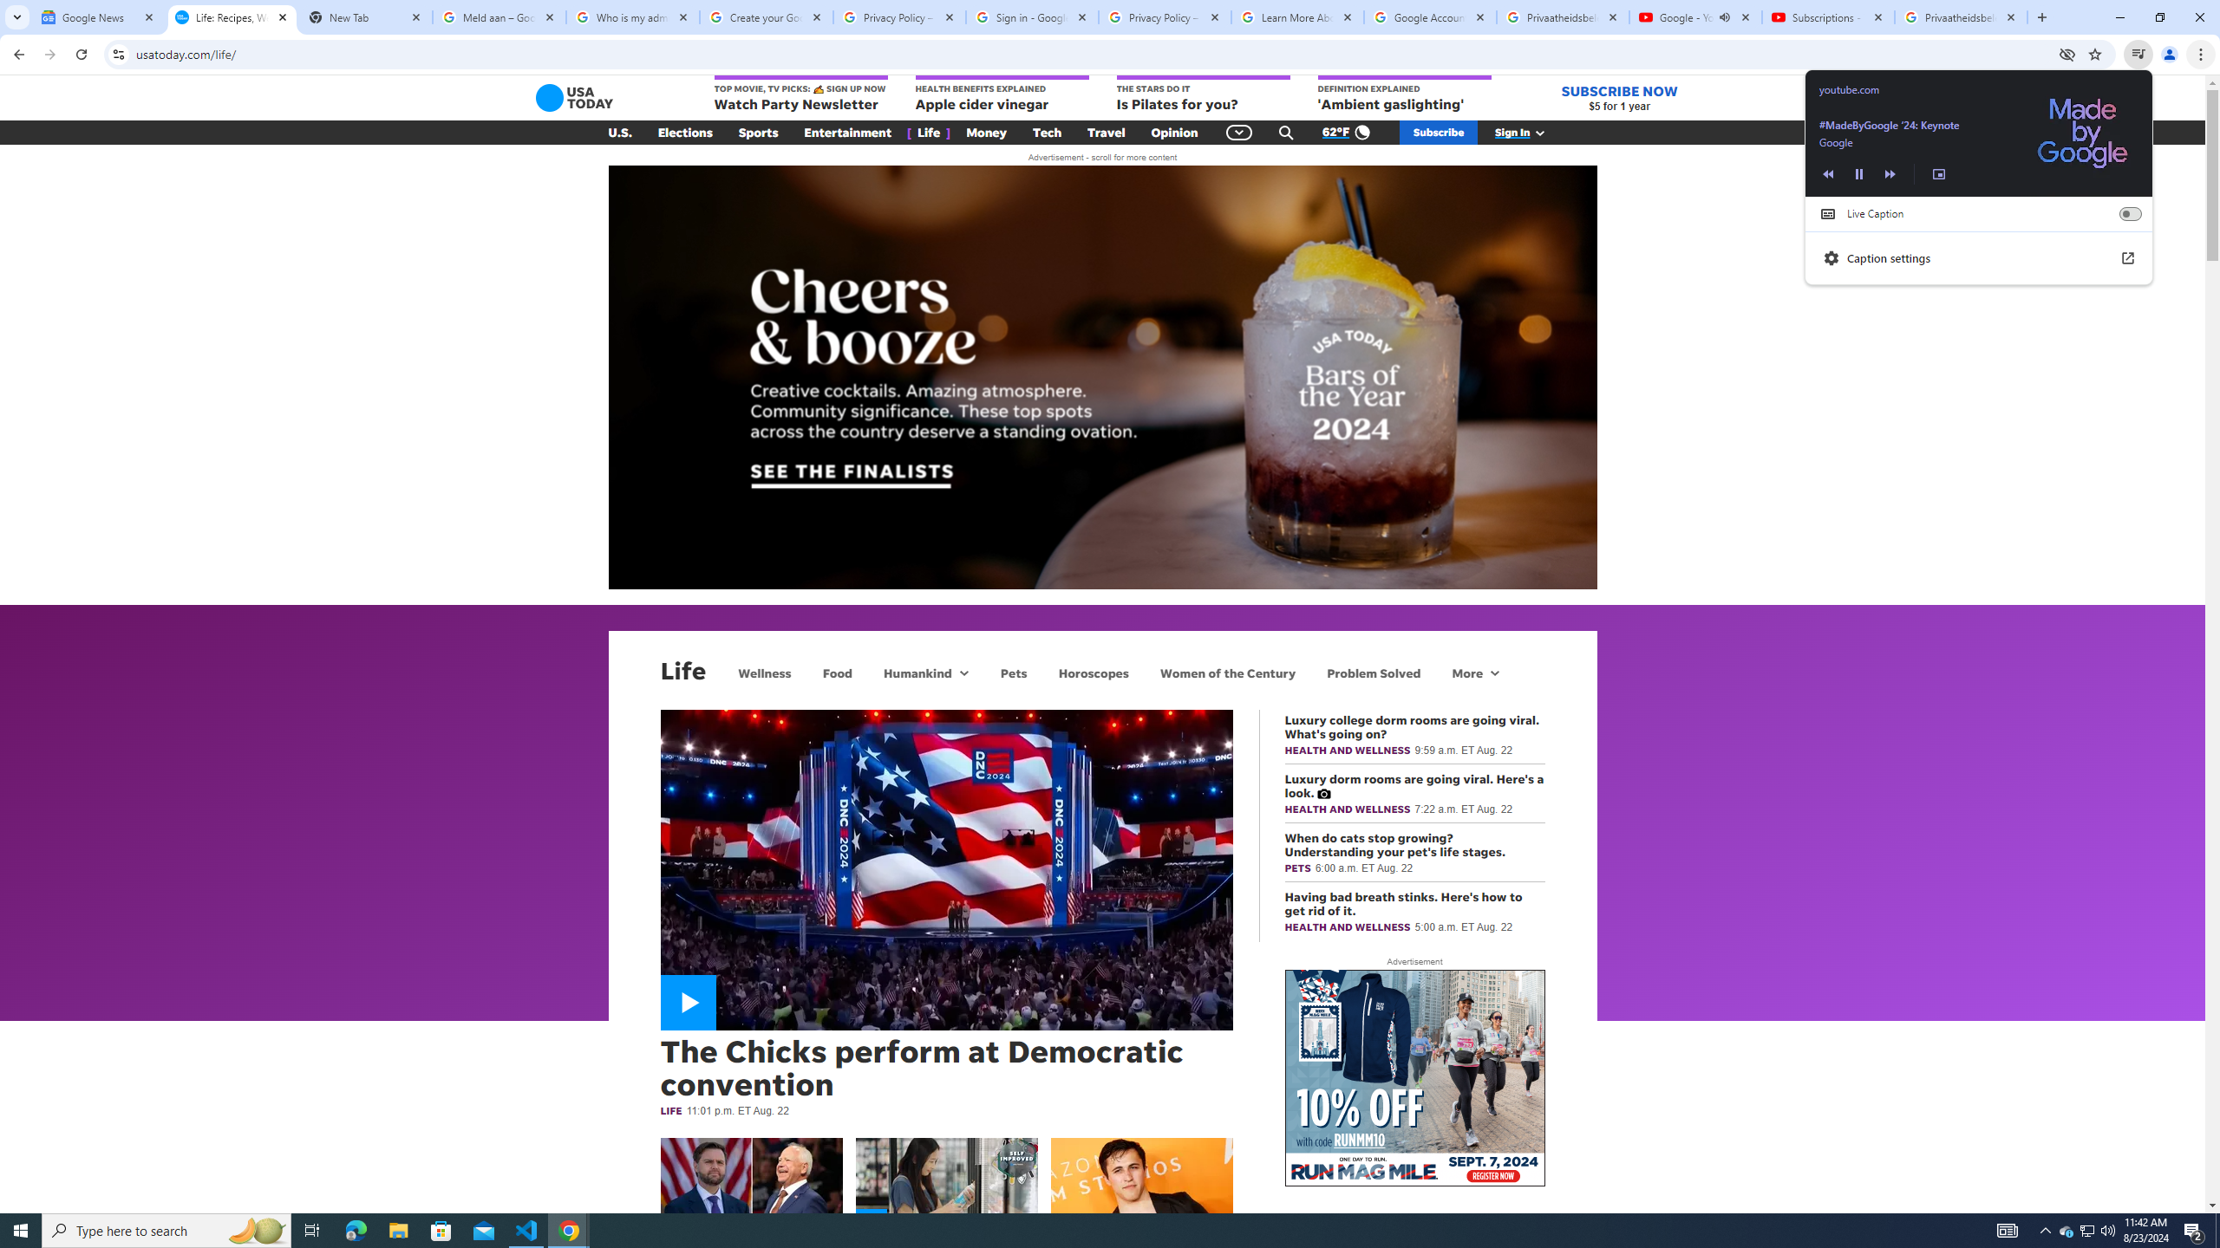  Describe the element at coordinates (847, 133) in the screenshot. I see `'Entertainment'` at that location.